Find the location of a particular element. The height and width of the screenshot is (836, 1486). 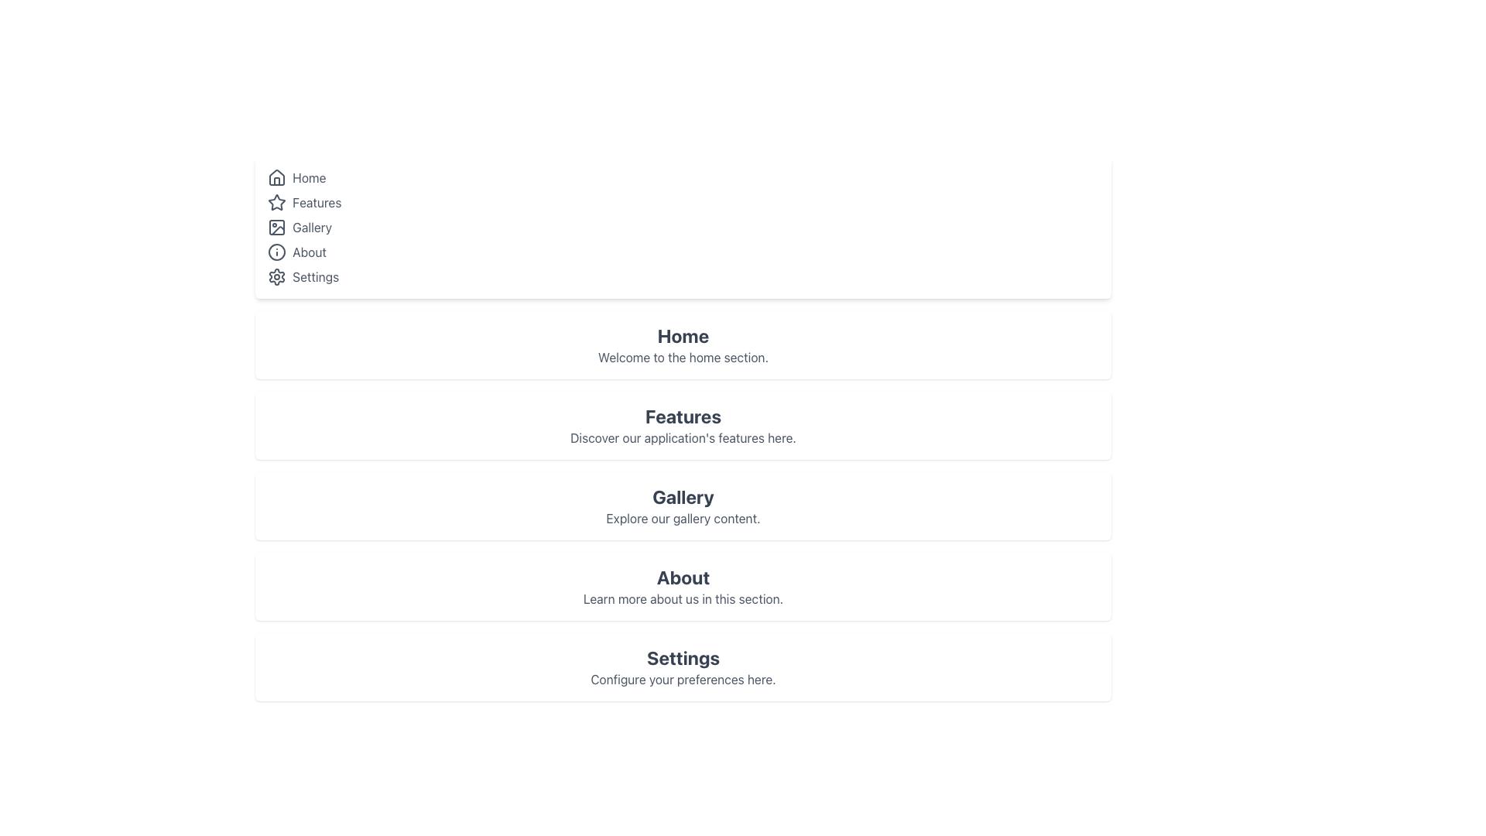

the 'About' informational section, which has a white background and rounded corners, to read the description about the section is located at coordinates (683, 587).